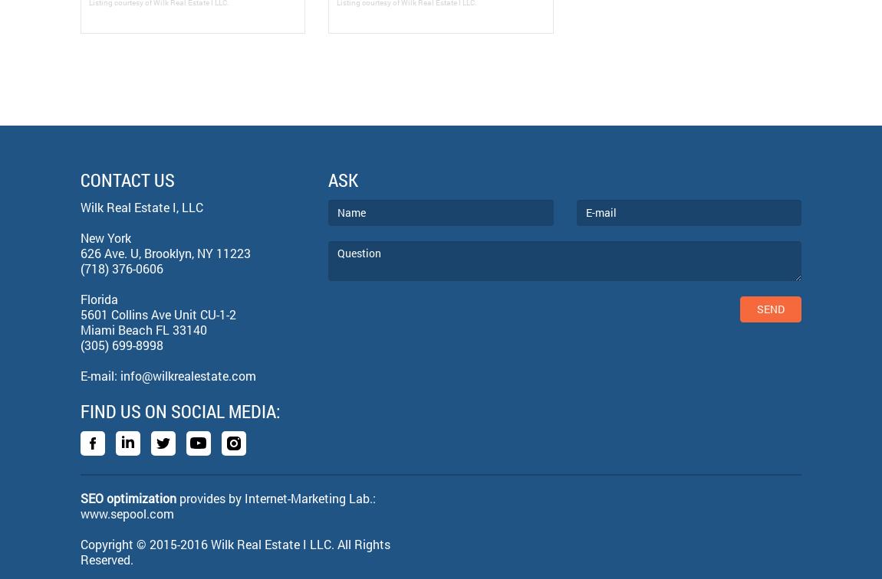 This screenshot has height=579, width=882. What do you see at coordinates (79, 497) in the screenshot?
I see `'SEO optimization'` at bounding box center [79, 497].